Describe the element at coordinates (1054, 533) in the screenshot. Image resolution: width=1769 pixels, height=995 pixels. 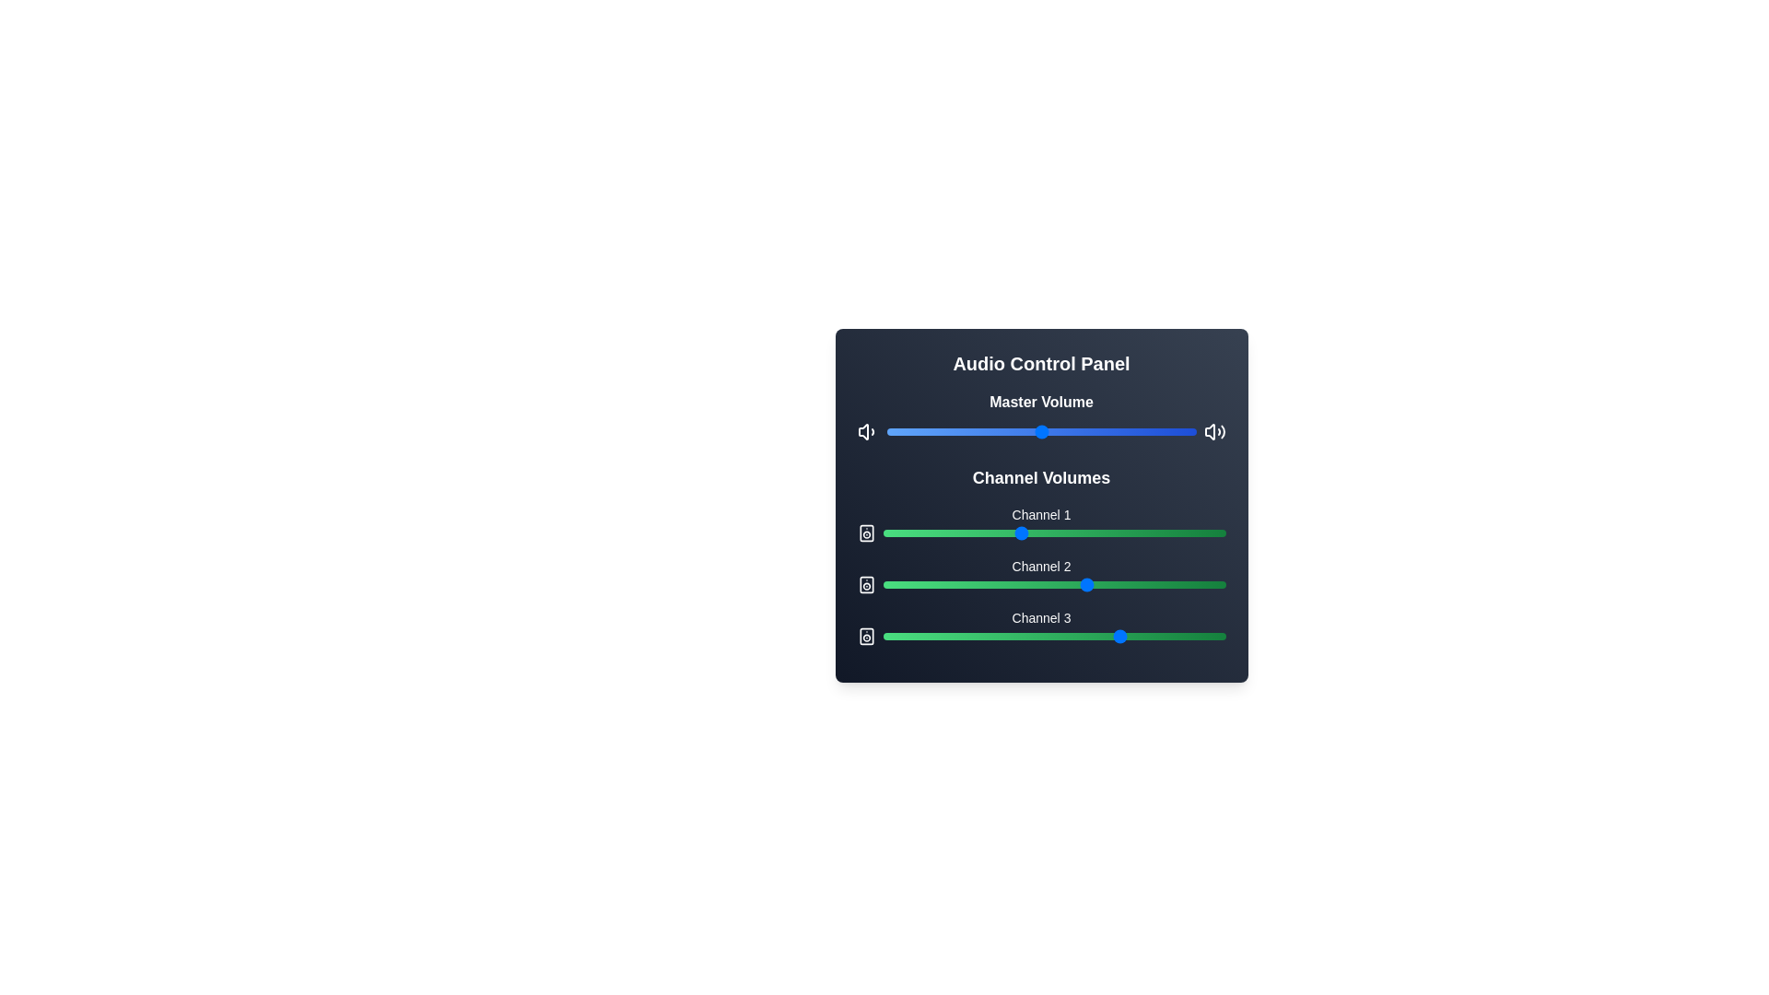
I see `the volume slider for Channel 1 to reposition the handle and adjust the audio level` at that location.